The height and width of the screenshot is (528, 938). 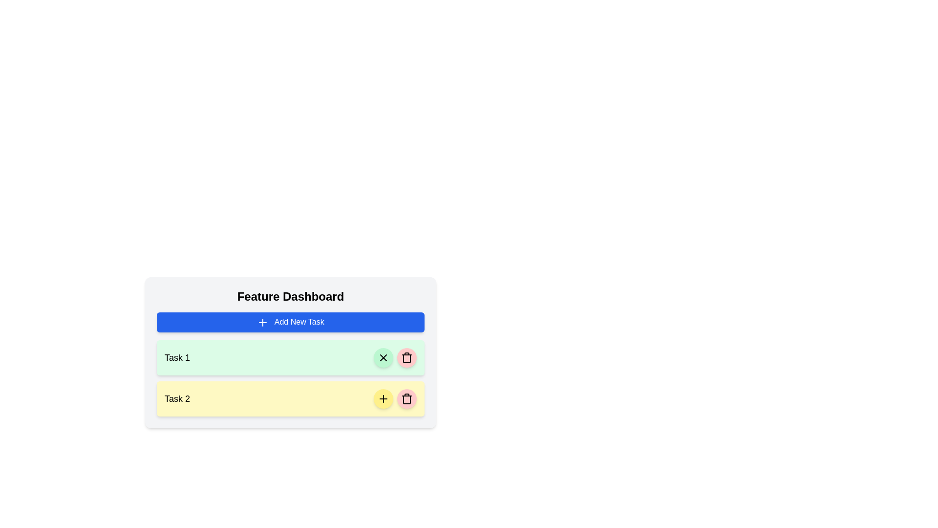 I want to click on task title displayed in the 'Task 1' text label, which is prominently styled with a green background in the task management interface, so click(x=177, y=357).